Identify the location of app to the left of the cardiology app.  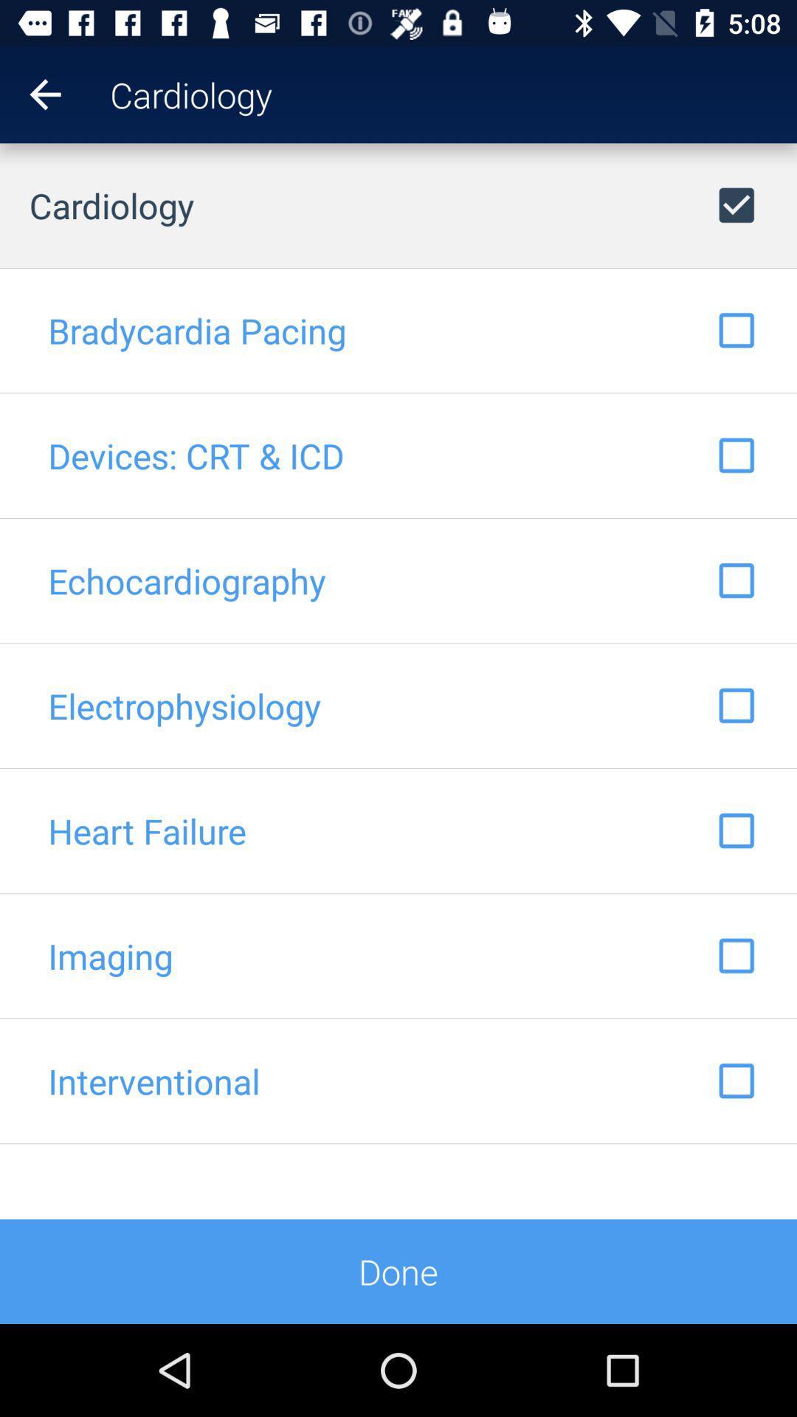
(30, 94).